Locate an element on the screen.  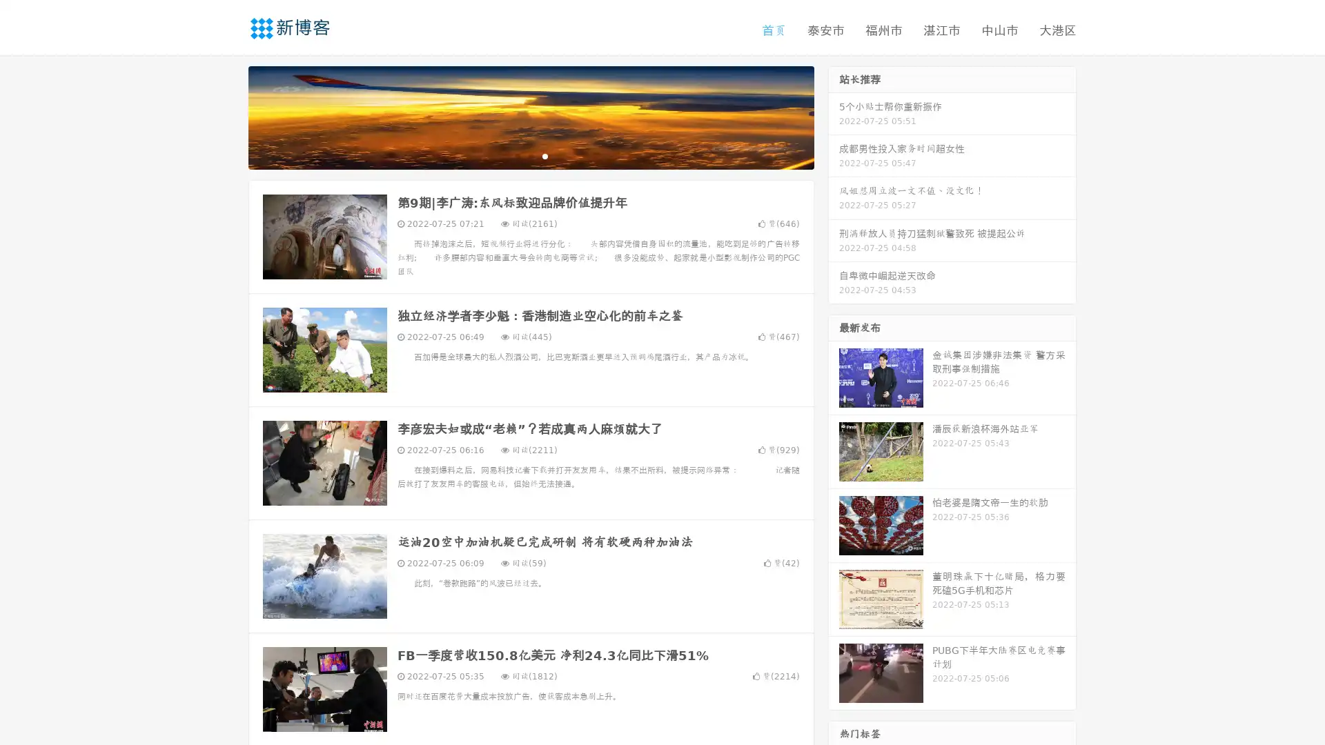
Go to slide 2 is located at coordinates (530, 155).